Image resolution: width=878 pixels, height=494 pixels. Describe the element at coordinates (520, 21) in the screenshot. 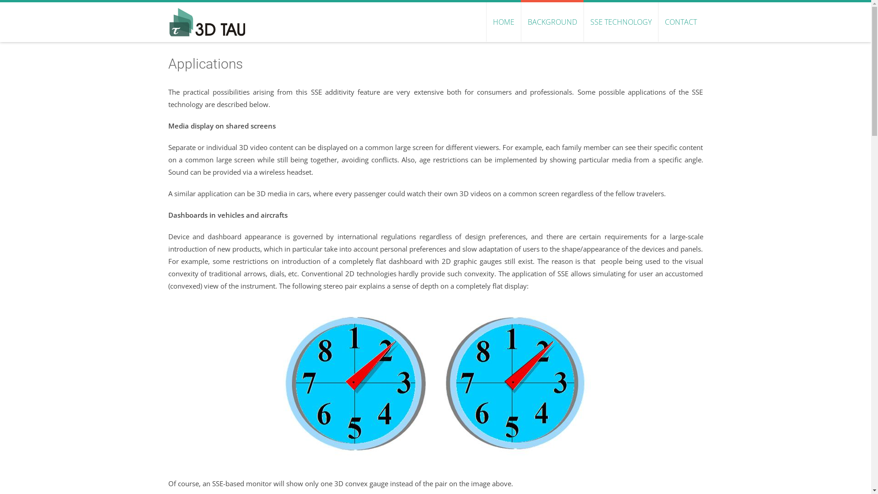

I see `'BACKGROUND'` at that location.